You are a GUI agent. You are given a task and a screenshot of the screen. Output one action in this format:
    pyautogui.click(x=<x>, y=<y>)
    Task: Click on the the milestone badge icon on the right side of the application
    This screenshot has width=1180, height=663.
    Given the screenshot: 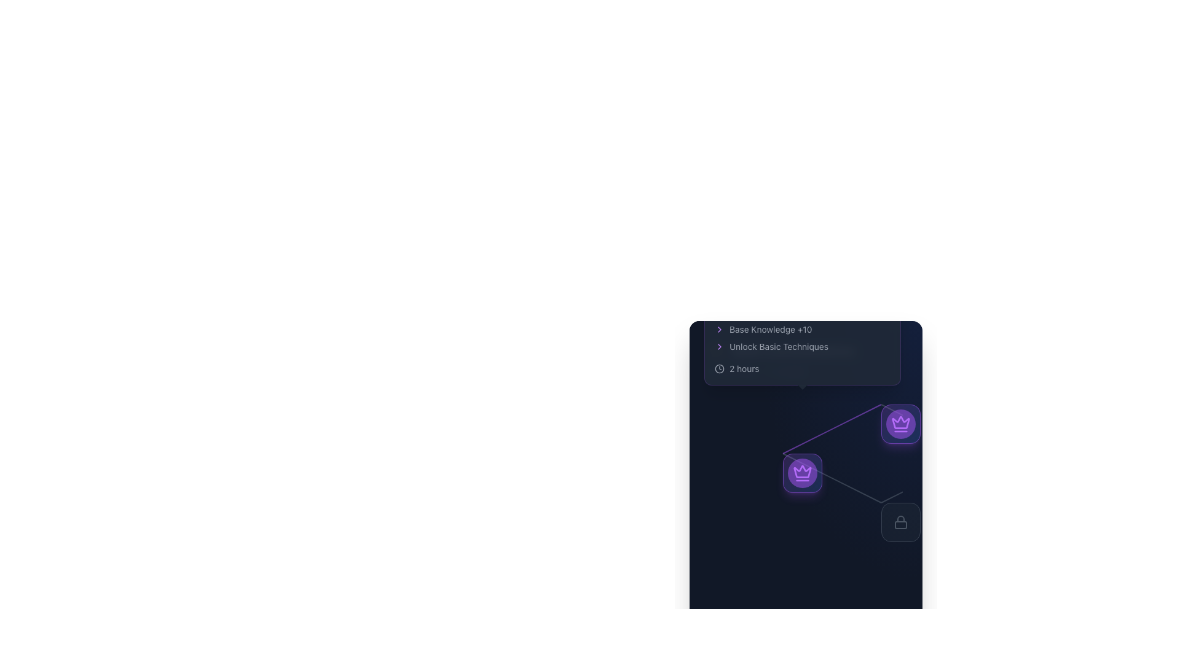 What is the action you would take?
    pyautogui.click(x=900, y=423)
    